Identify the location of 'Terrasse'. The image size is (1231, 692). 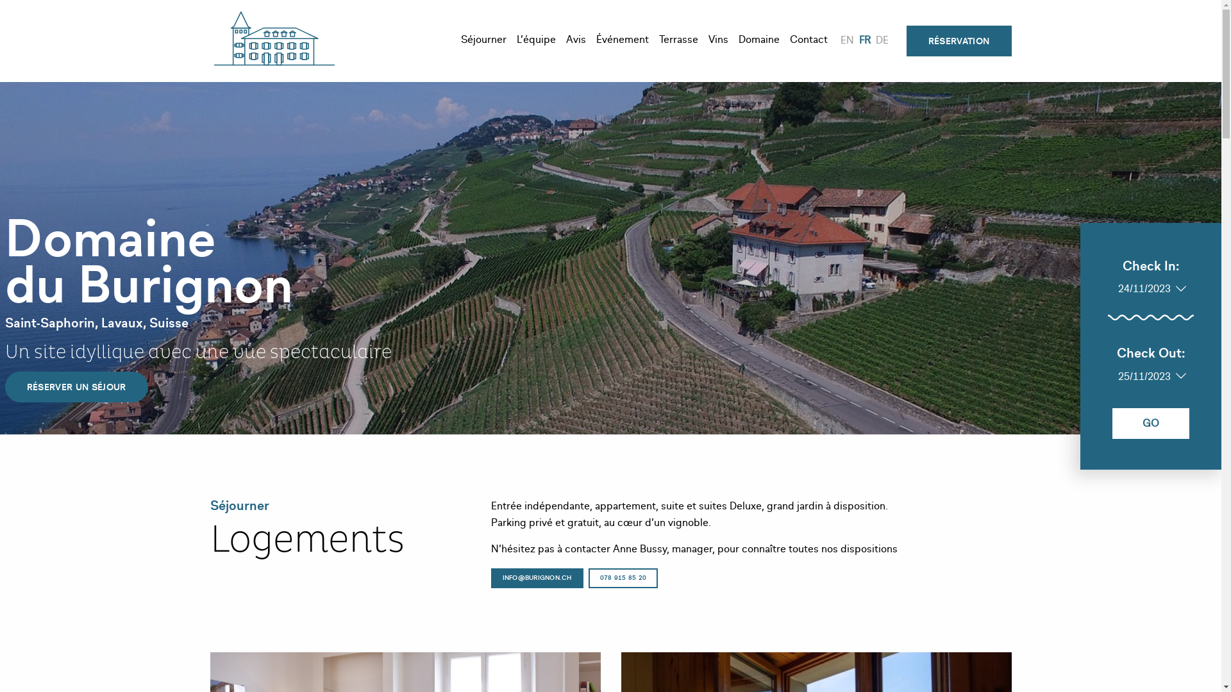
(678, 40).